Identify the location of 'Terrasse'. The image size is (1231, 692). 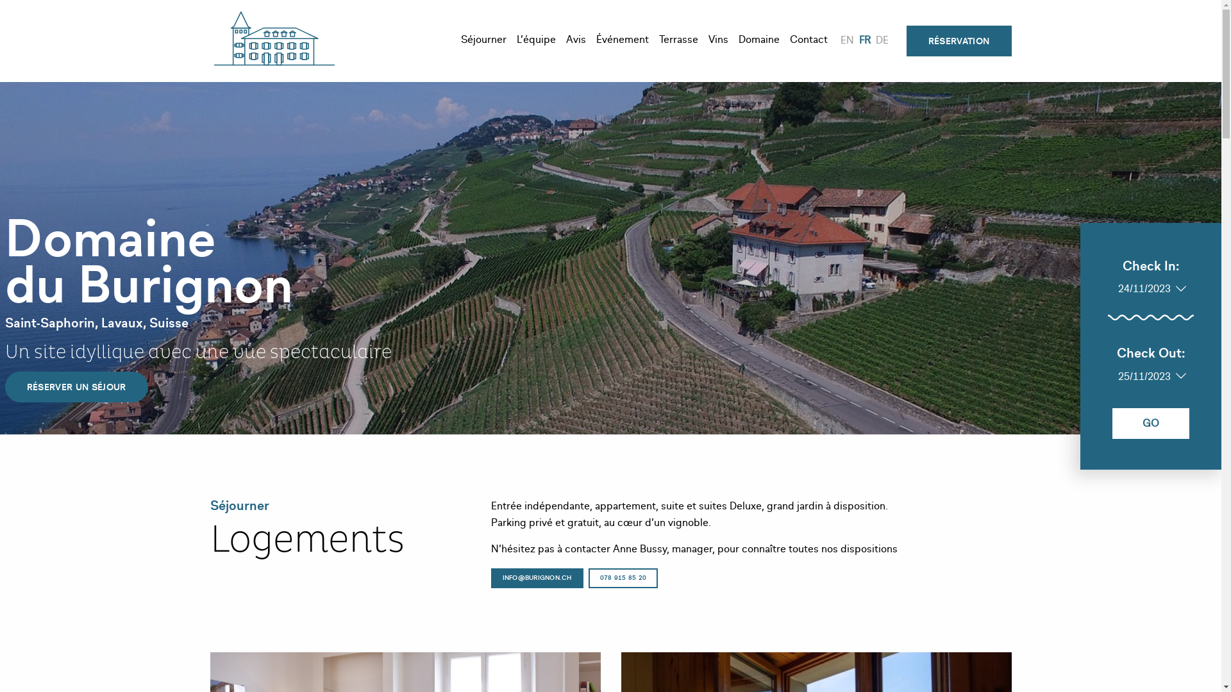
(678, 40).